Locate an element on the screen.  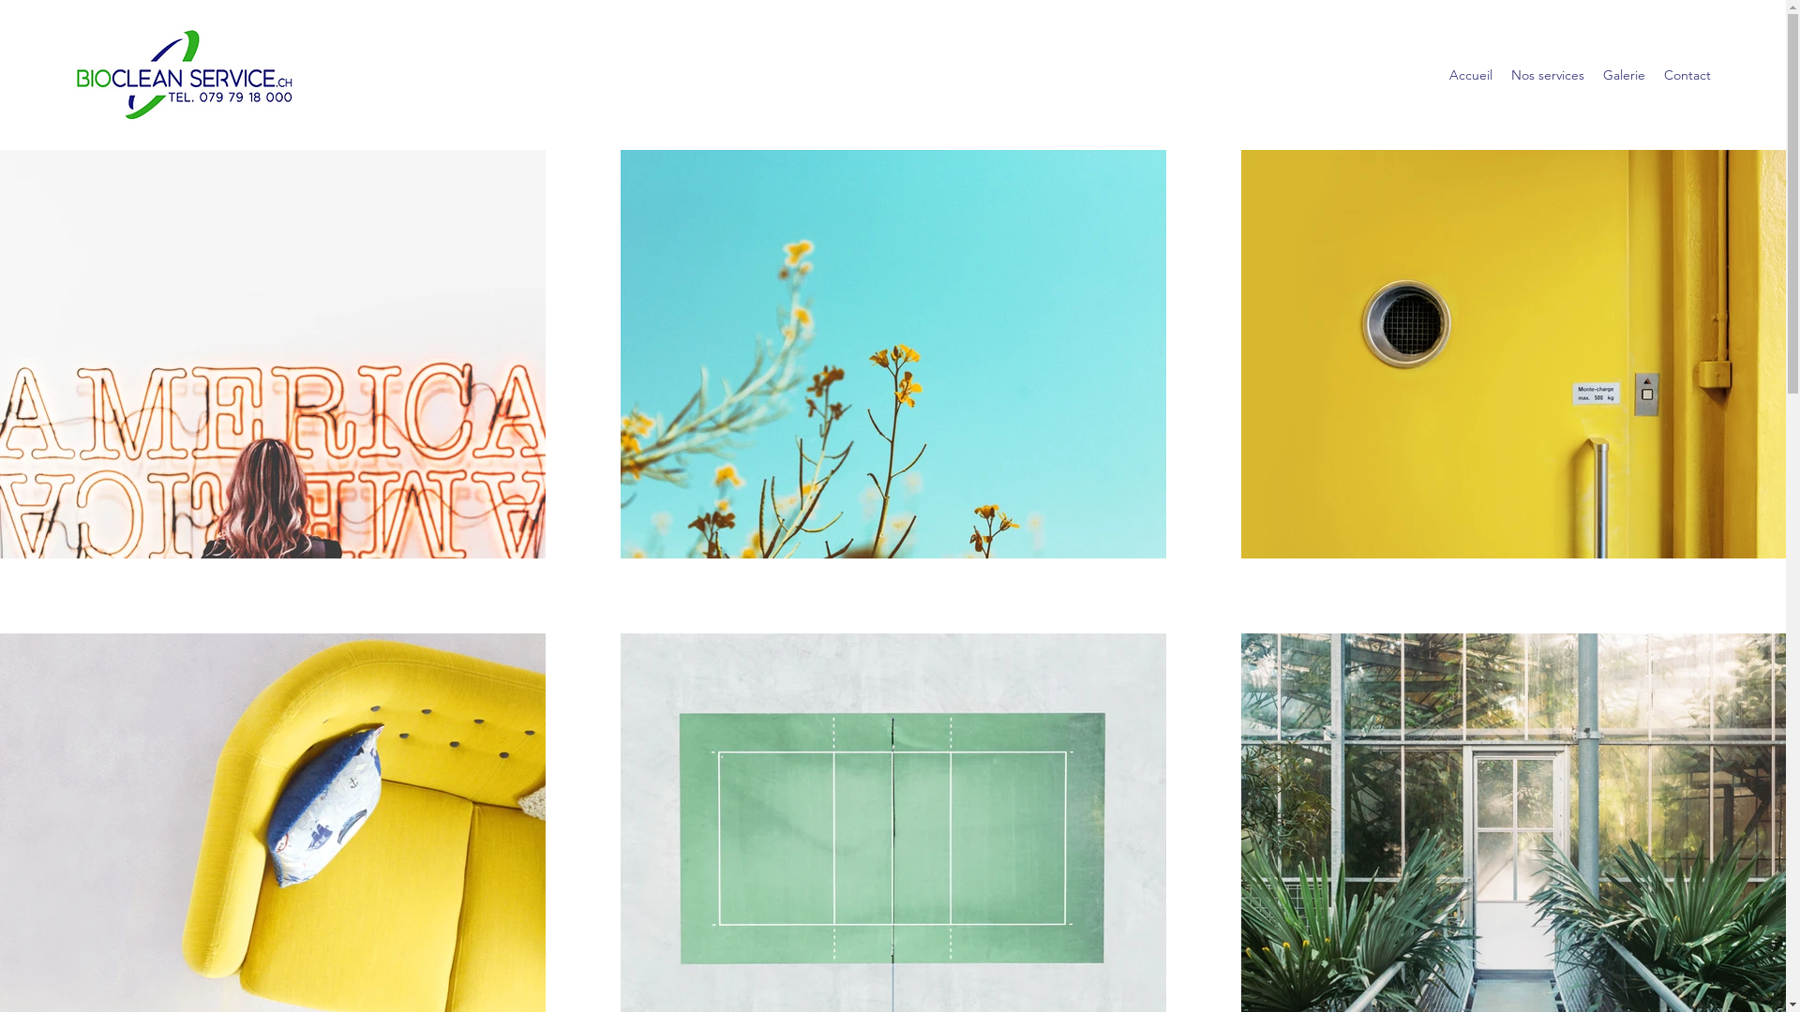
'Galerie' is located at coordinates (1623, 74).